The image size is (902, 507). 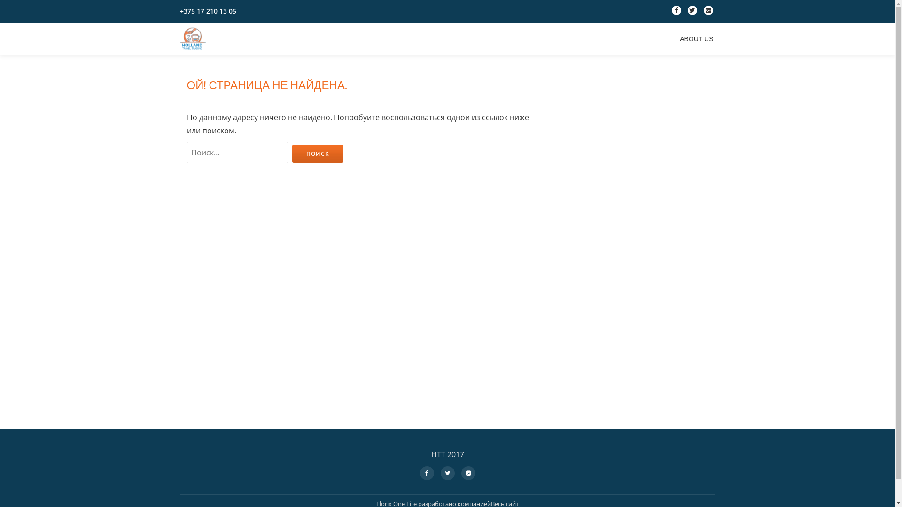 I want to click on 'fa-facebook', so click(x=676, y=12).